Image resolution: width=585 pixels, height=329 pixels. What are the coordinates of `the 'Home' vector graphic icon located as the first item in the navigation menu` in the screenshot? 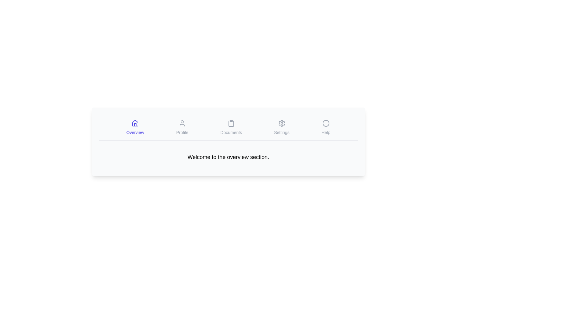 It's located at (135, 123).